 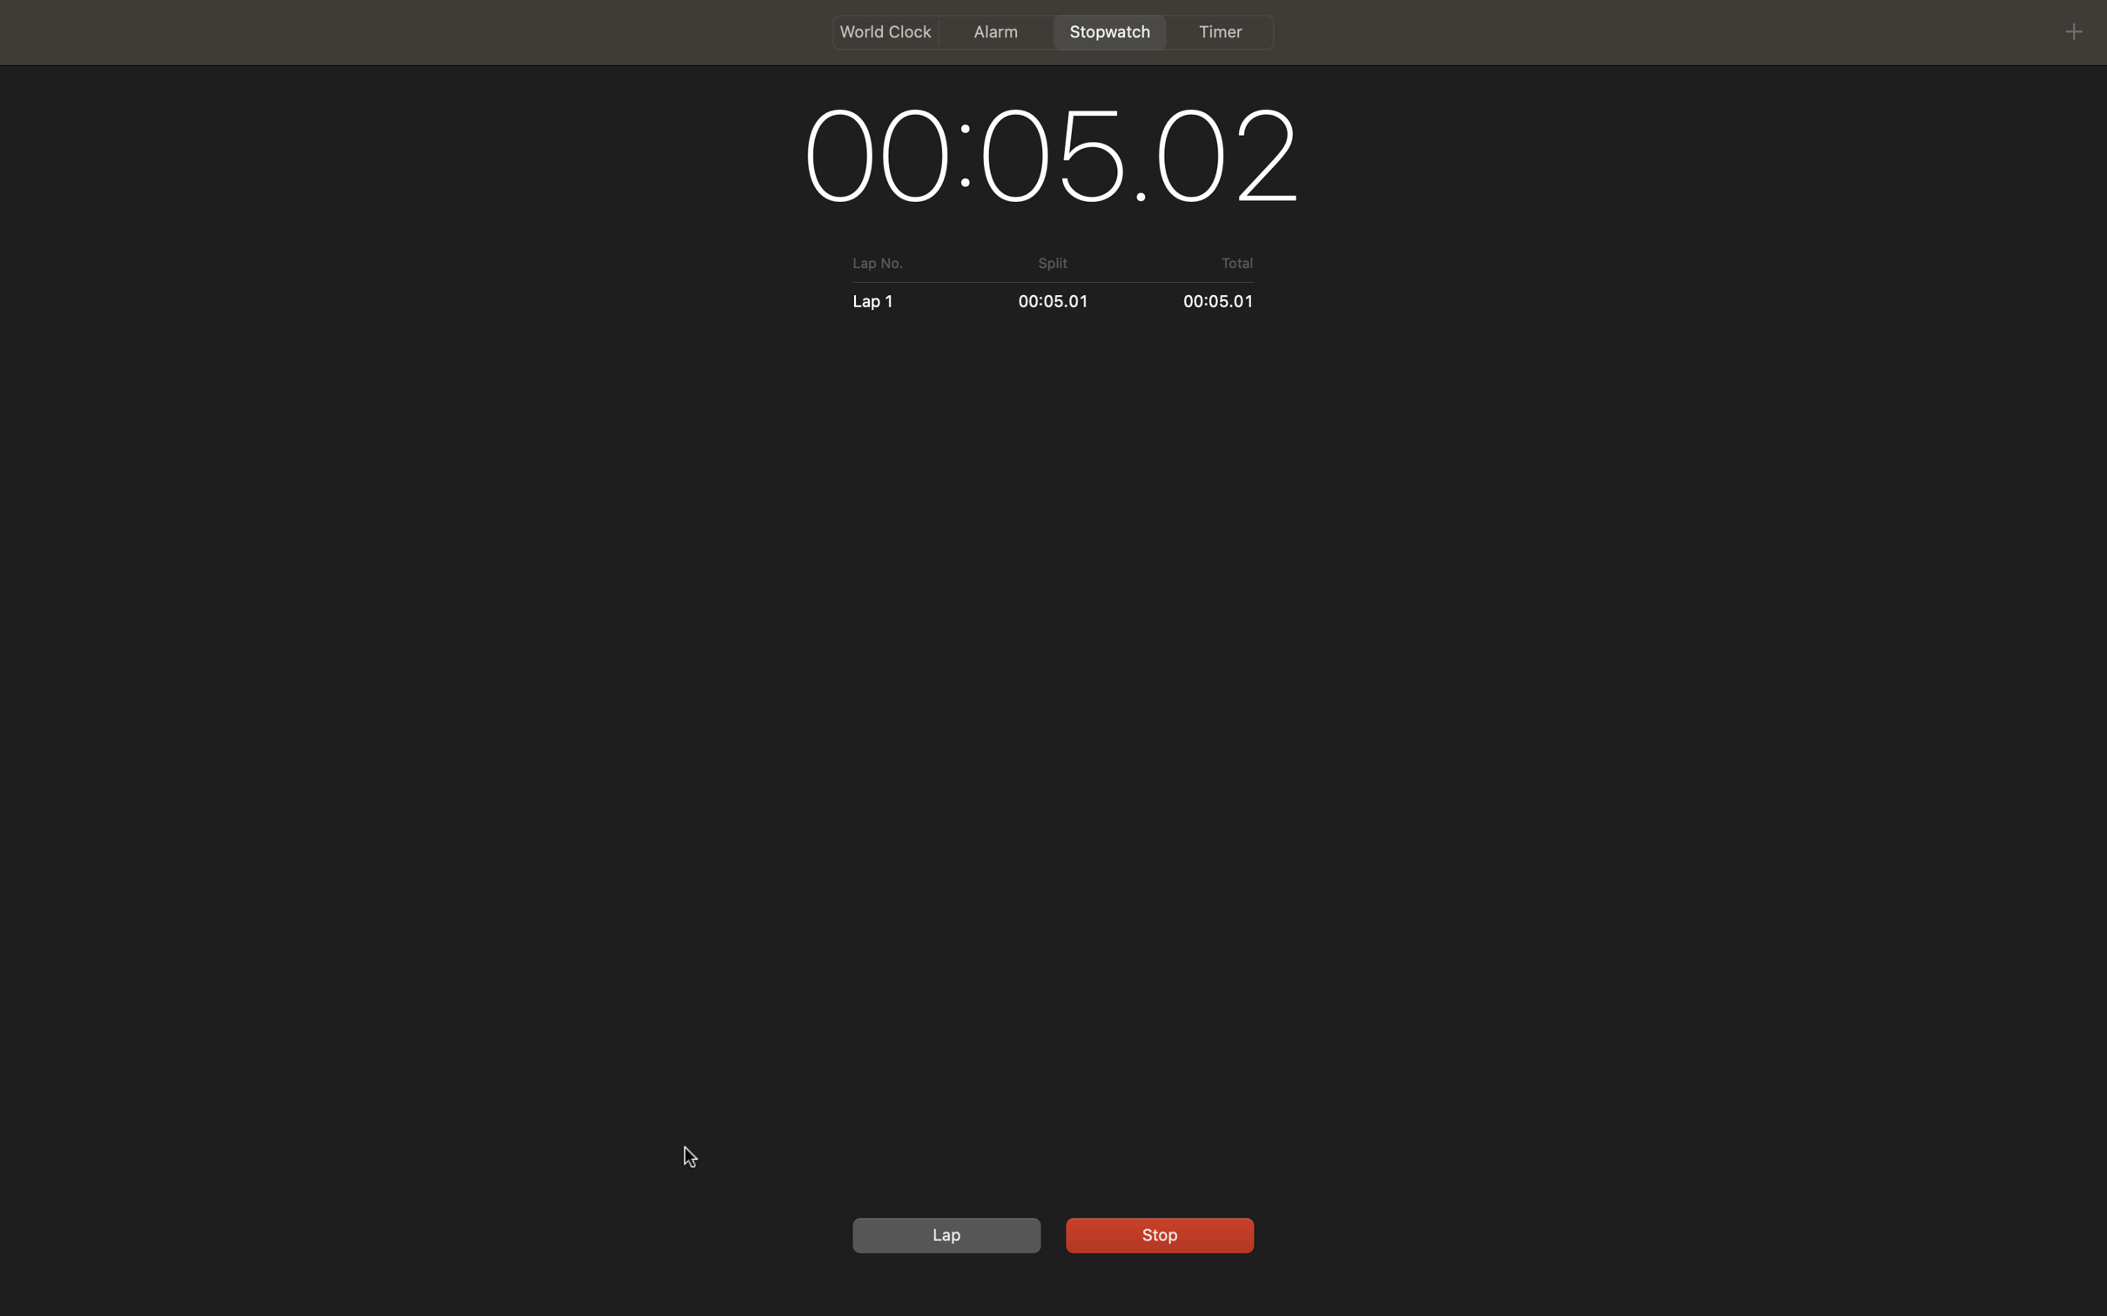 I want to click on the timer and then resume it, so click(x=1156, y=1232).